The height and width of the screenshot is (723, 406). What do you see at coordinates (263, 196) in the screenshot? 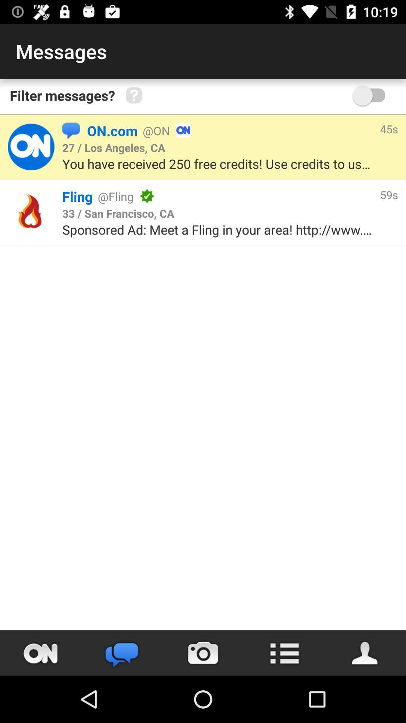
I see `the item to the left of 59s item` at bounding box center [263, 196].